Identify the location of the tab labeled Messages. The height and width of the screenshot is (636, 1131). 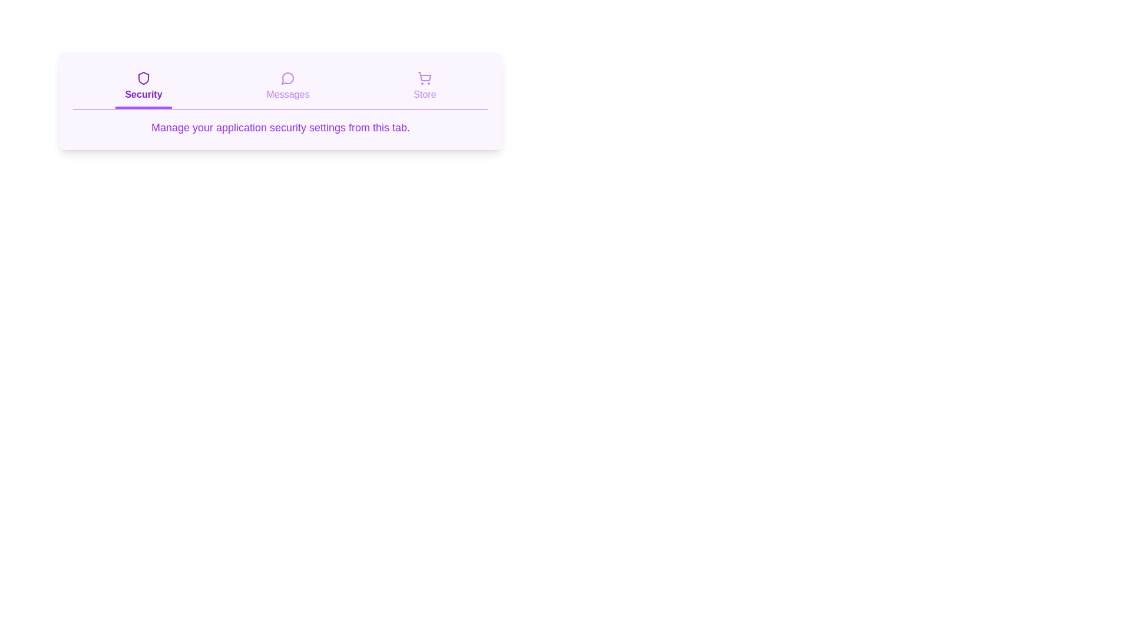
(287, 87).